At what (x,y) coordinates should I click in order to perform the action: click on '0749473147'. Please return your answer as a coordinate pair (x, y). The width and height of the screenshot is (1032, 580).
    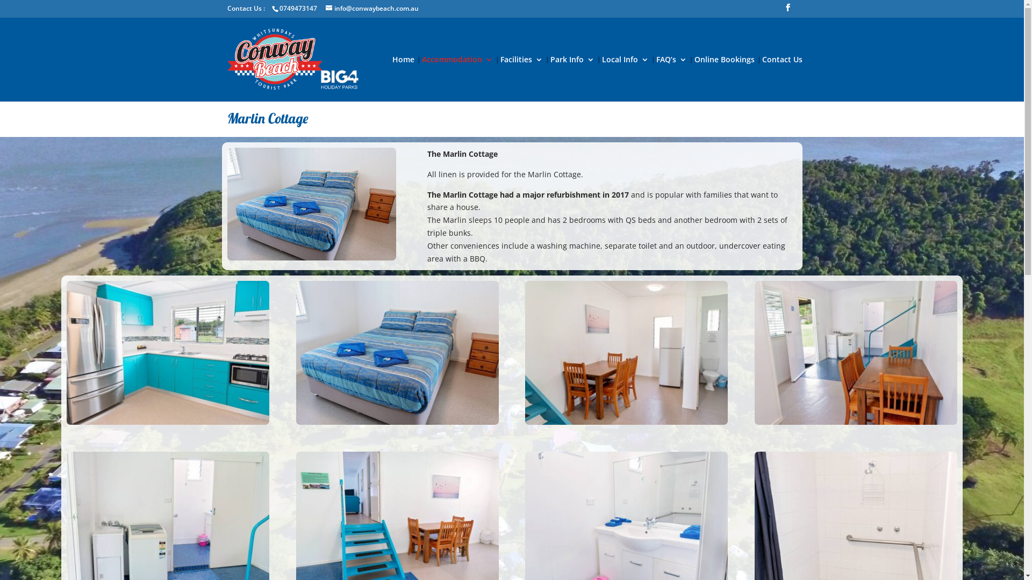
    Looking at the image, I should click on (298, 8).